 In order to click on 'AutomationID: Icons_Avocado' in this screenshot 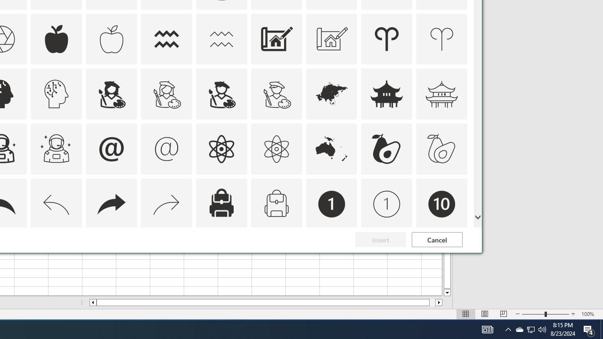, I will do `click(387, 148)`.